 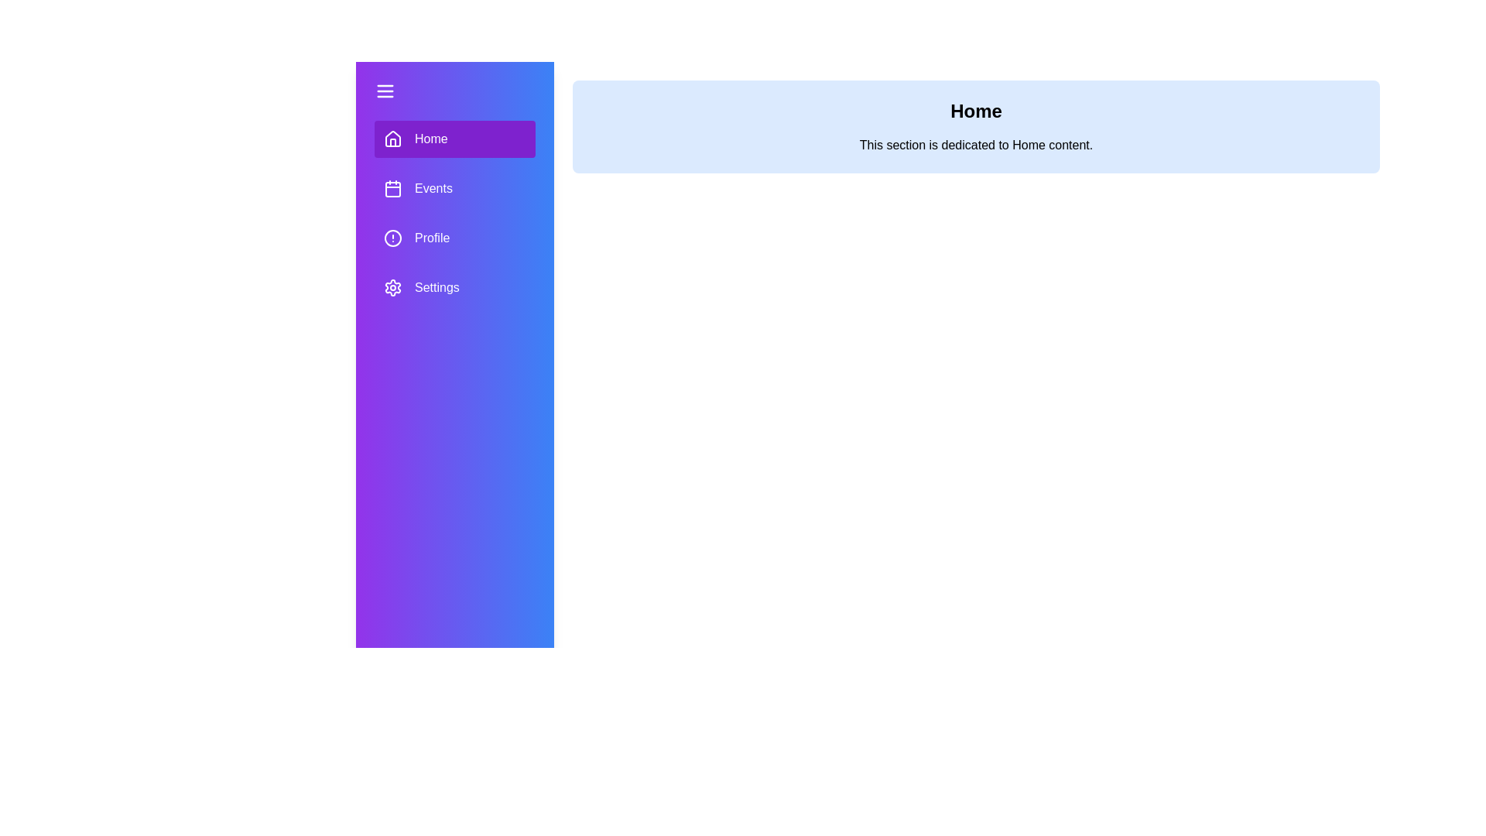 I want to click on the 'Home' icon in the sidebar menu, which serves as a graphical representation of the 'Home' option, positioned at the top of the sidebar, so click(x=393, y=142).